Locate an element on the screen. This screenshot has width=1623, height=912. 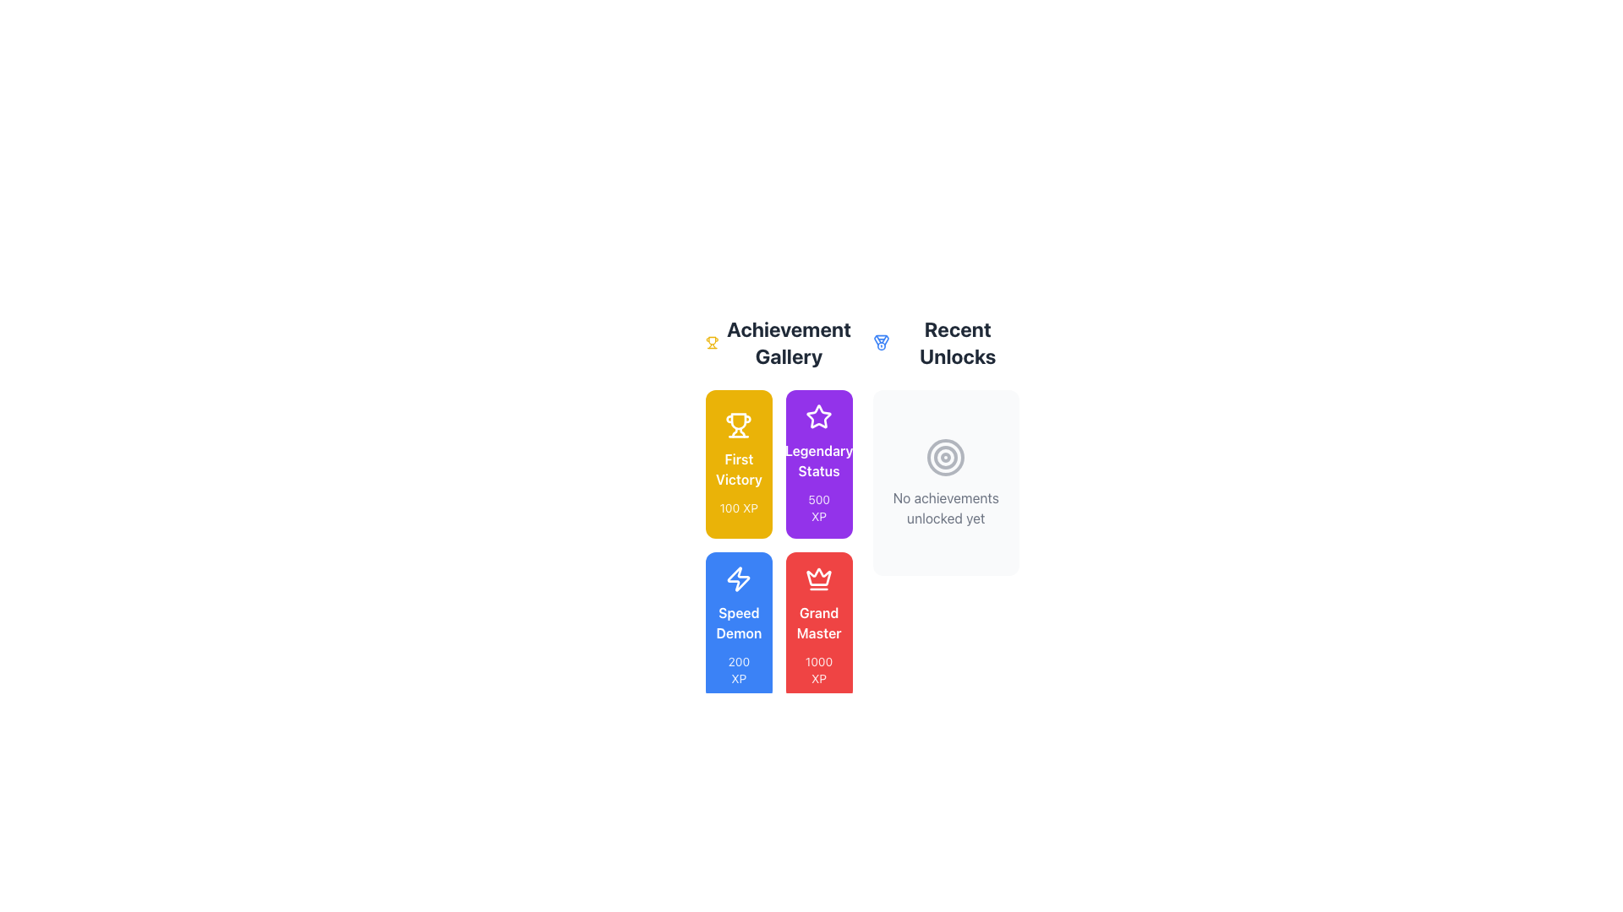
the text label displaying '200 XP' located at the bottom center of the blue card labeled 'Speed Demon' in the Achievement Gallery section is located at coordinates (739, 670).